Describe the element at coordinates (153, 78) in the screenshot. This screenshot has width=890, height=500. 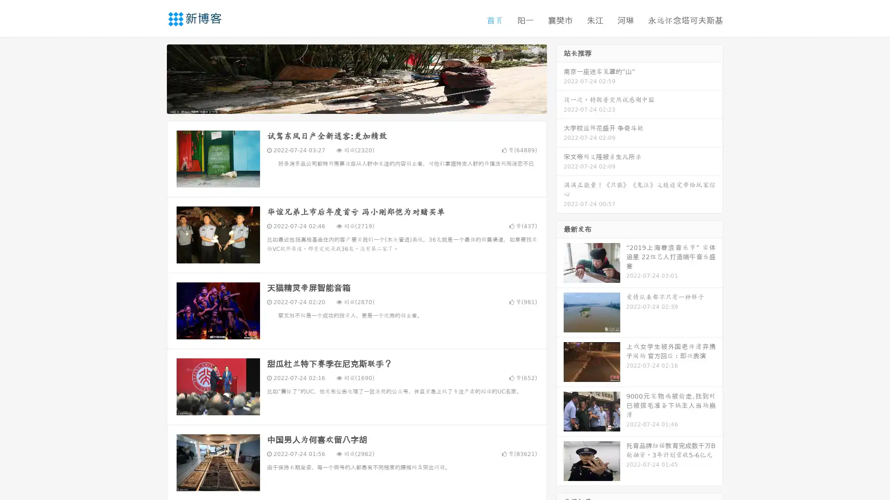
I see `Previous slide` at that location.